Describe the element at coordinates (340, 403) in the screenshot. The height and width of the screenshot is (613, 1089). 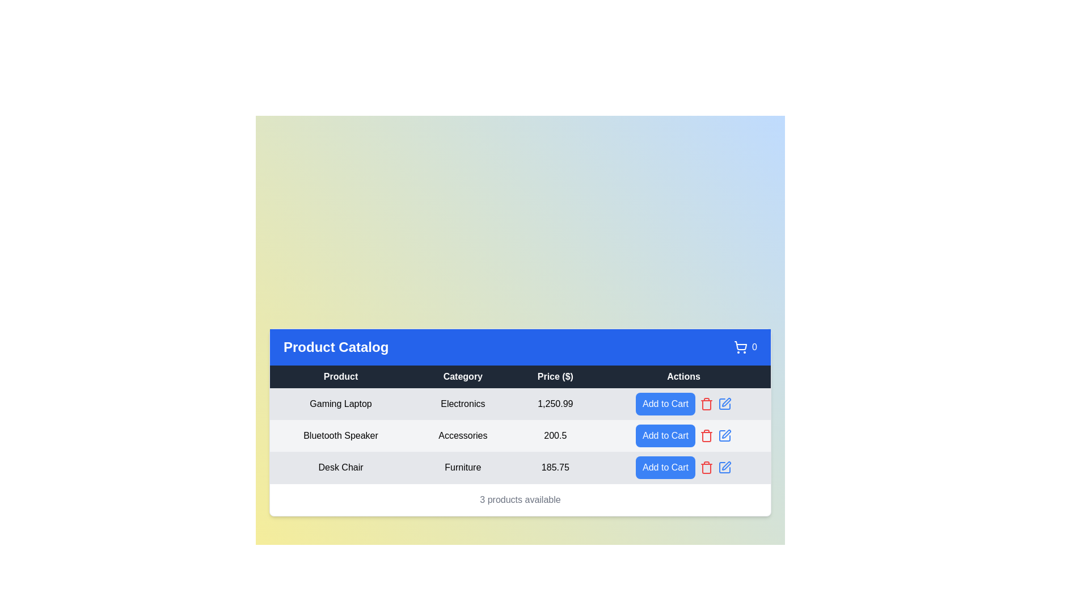
I see `the 'Gaming Laptop' text label, which is displayed in a black font on a light gray background, located in the first column of the product table under the 'Product' header` at that location.